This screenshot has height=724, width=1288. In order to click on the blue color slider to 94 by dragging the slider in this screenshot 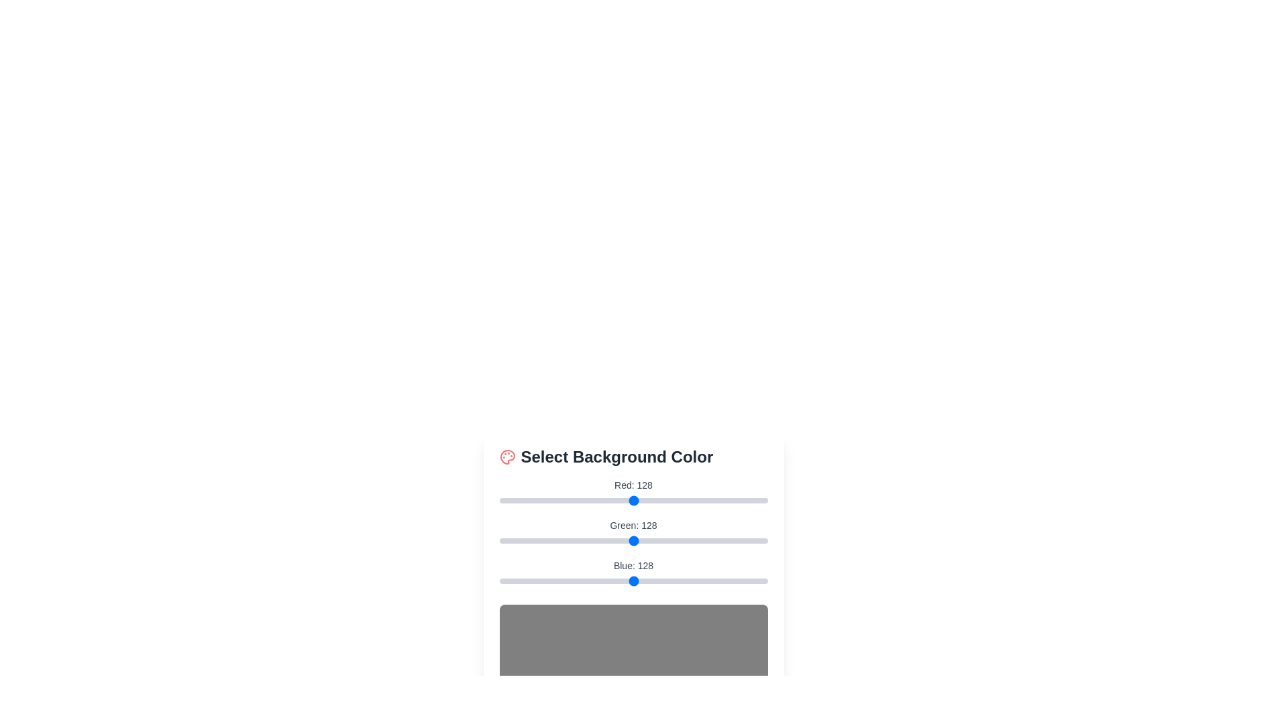, I will do `click(598, 581)`.